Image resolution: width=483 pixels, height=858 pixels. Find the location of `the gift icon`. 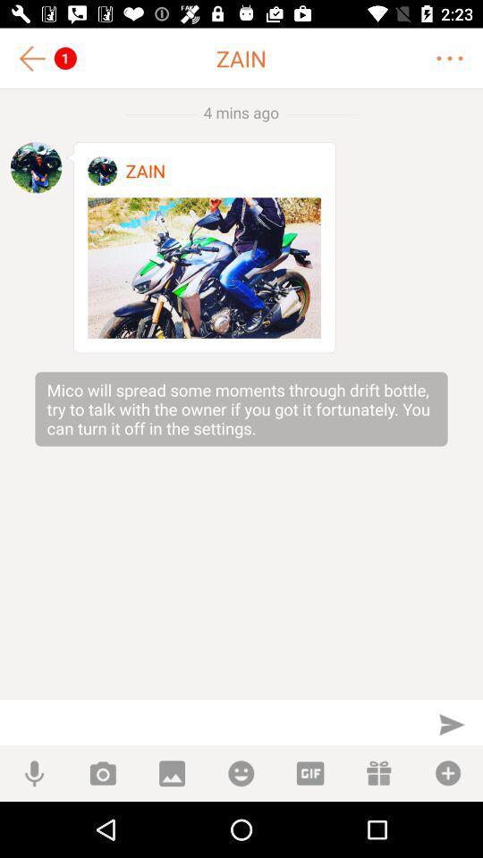

the gift icon is located at coordinates (378, 772).